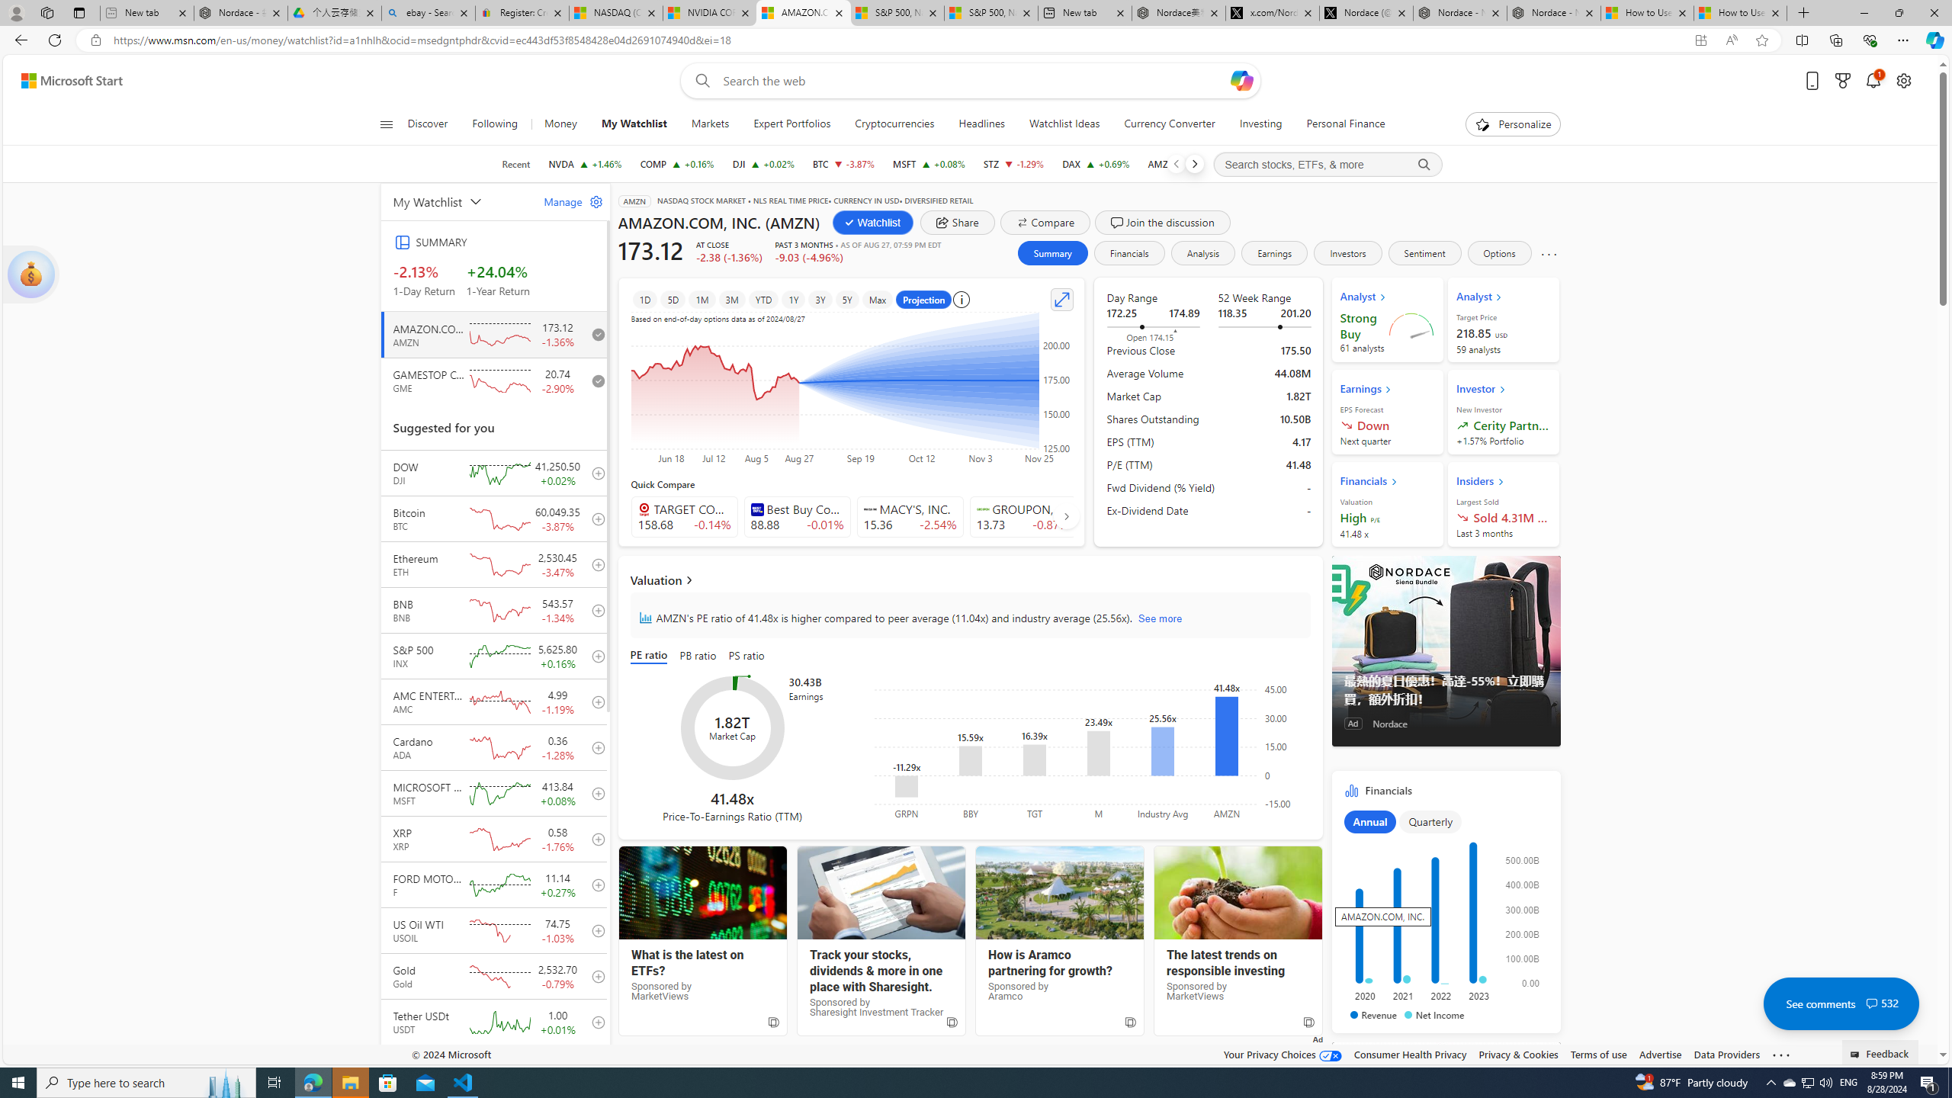 This screenshot has height=1098, width=1952. What do you see at coordinates (1013, 163) in the screenshot?
I see `'STZ CONSTELLATION BRANDS, INC. decrease 239.98 -3.13 -1.29%'` at bounding box center [1013, 163].